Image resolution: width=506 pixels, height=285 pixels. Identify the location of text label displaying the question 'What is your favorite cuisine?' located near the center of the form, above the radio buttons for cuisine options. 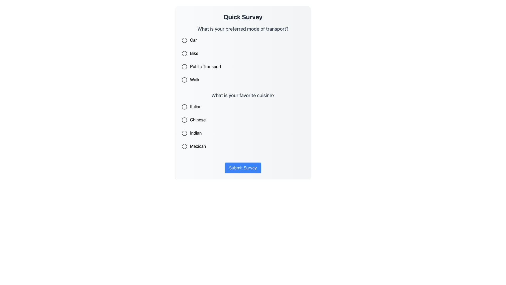
(242, 96).